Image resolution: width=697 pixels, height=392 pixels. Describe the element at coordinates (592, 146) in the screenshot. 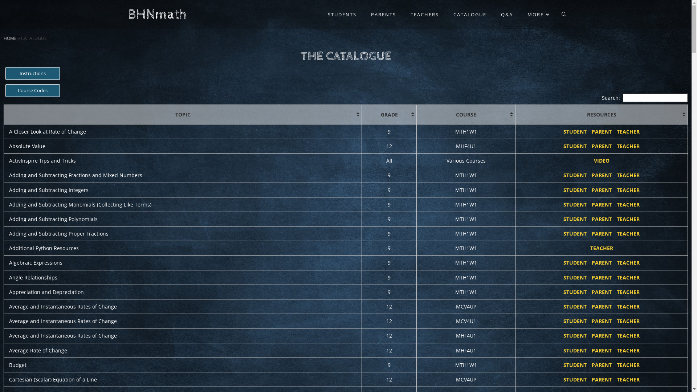

I see `'PARENT'` at that location.